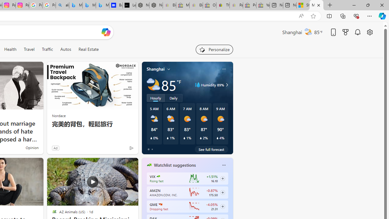 The height and width of the screenshot is (219, 389). What do you see at coordinates (217, 138) in the screenshot?
I see `'Class: weather-current-precipitation-glyph'` at bounding box center [217, 138].